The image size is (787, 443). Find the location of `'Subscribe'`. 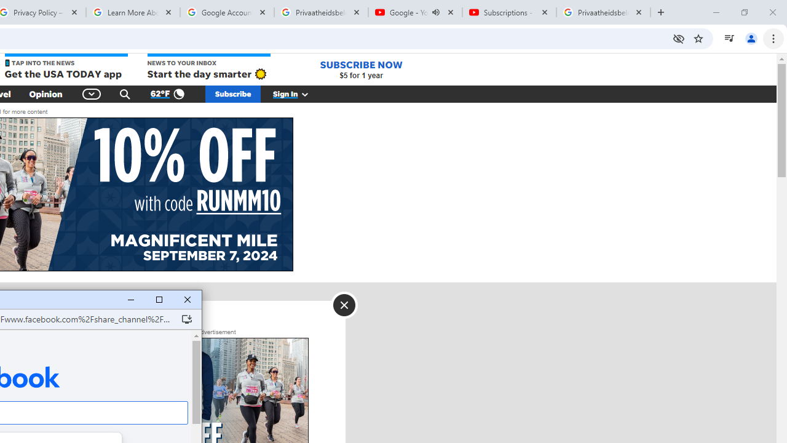

'Subscribe' is located at coordinates (233, 94).